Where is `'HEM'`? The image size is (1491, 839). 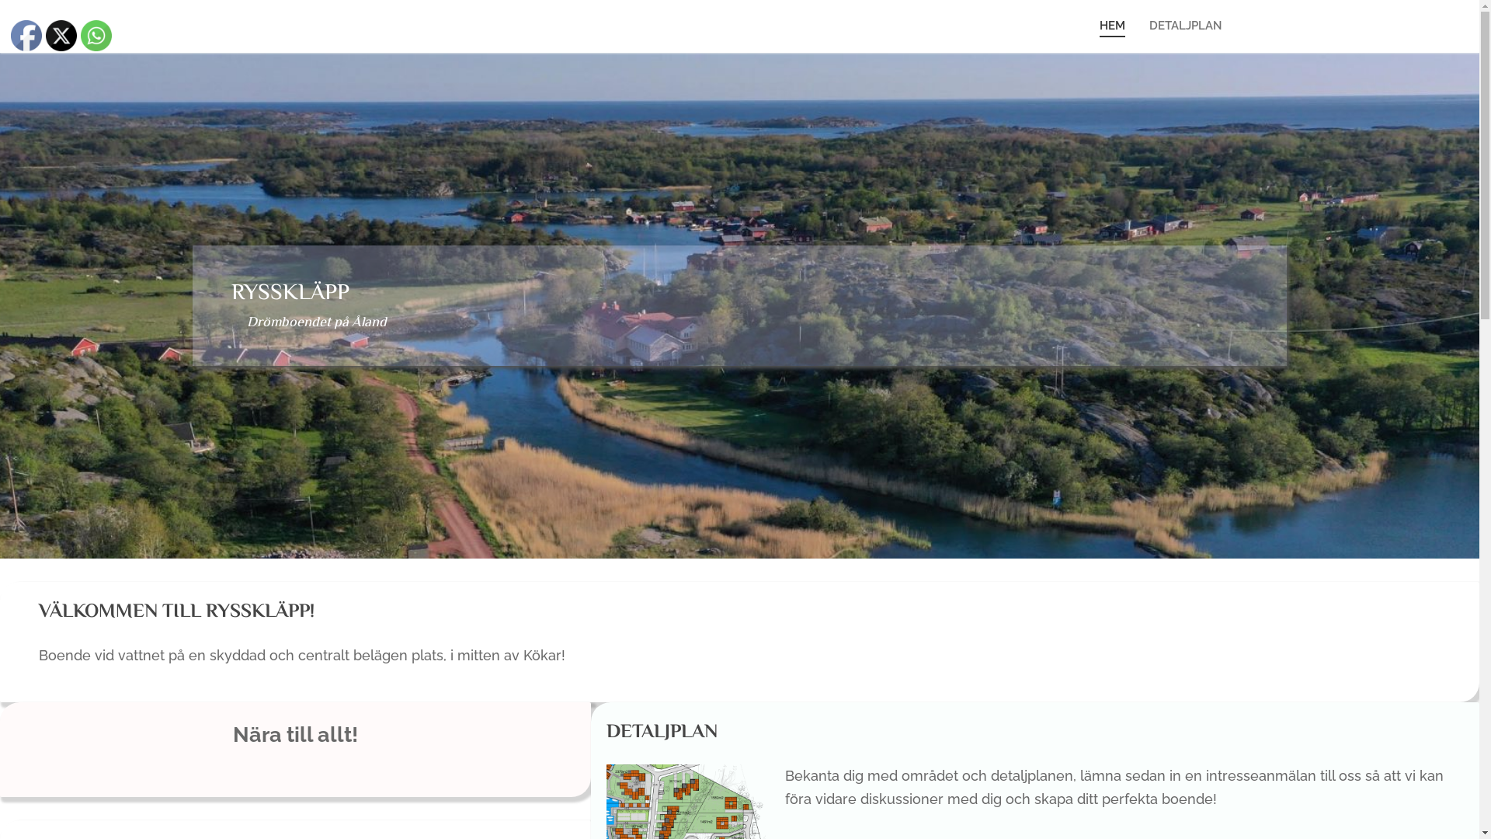 'HEM' is located at coordinates (1087, 26).